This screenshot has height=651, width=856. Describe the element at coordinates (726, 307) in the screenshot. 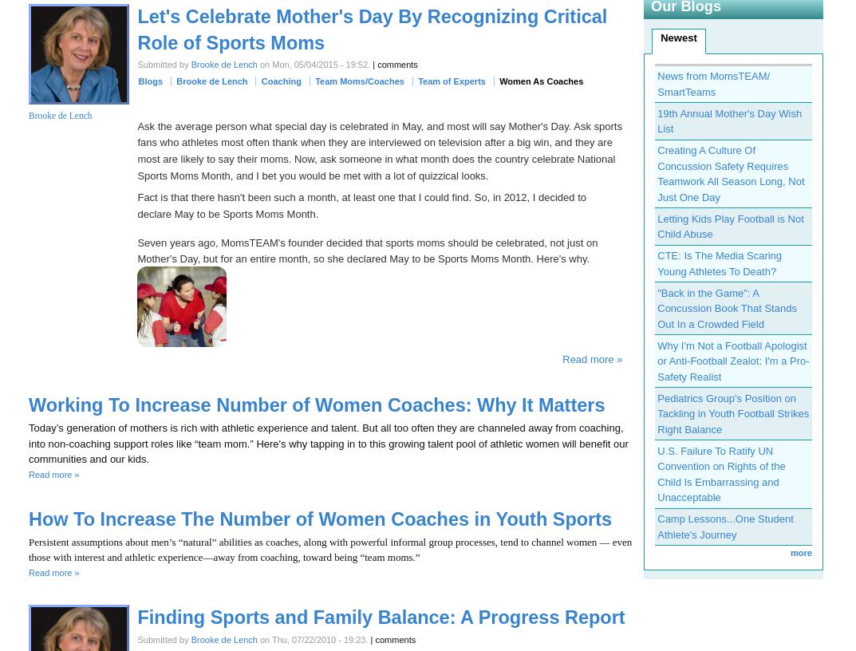

I see `'"Back in the Game": A Concussion Book That Stands Out In a Crowded Field'` at that location.